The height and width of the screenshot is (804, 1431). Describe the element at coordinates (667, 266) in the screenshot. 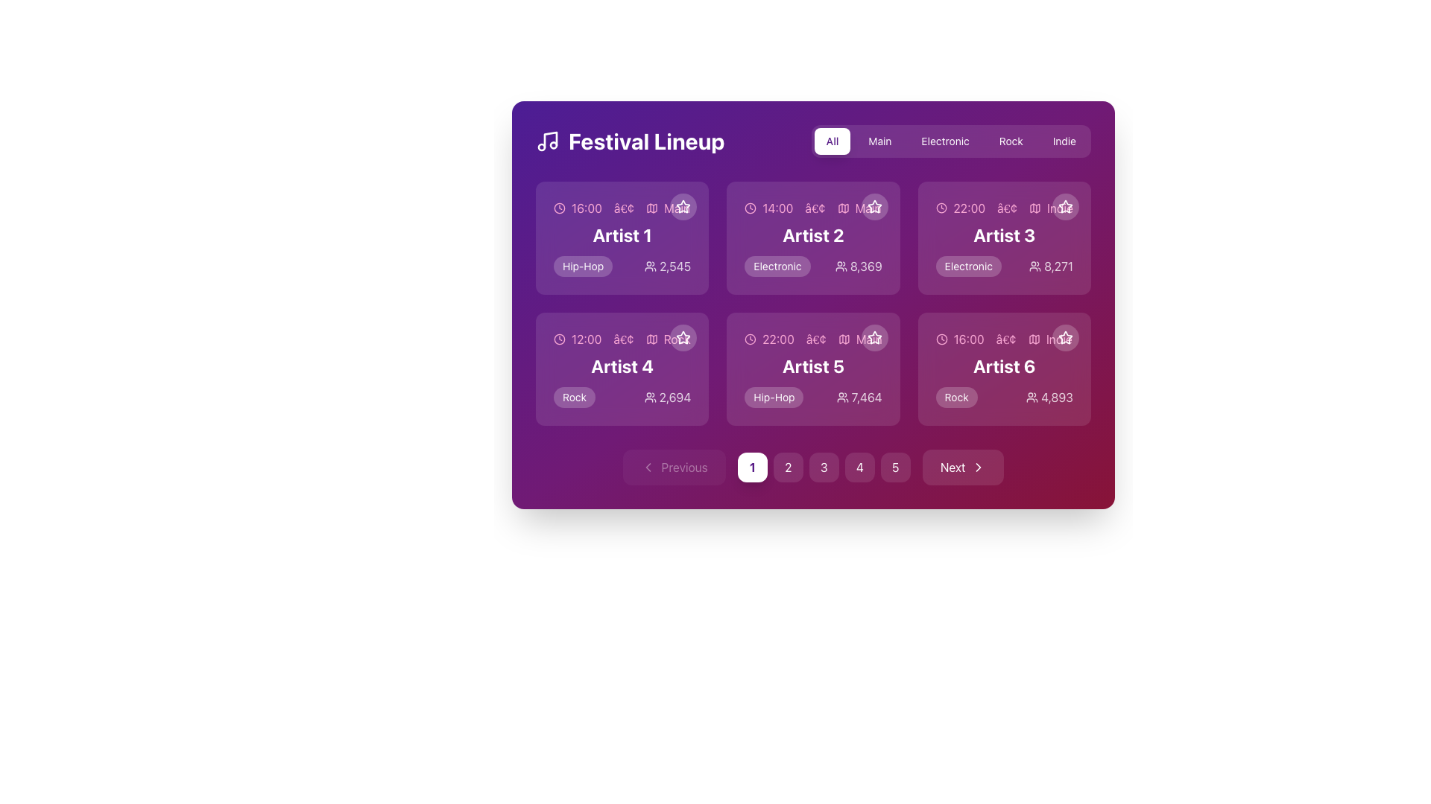

I see `the numerical label displaying '2,545' with a user icon, located in the lower-right section of the 'Artist 1' card, next to the 'Hip-Hop' label and beneath the artist name to potentially reveal a tooltip` at that location.